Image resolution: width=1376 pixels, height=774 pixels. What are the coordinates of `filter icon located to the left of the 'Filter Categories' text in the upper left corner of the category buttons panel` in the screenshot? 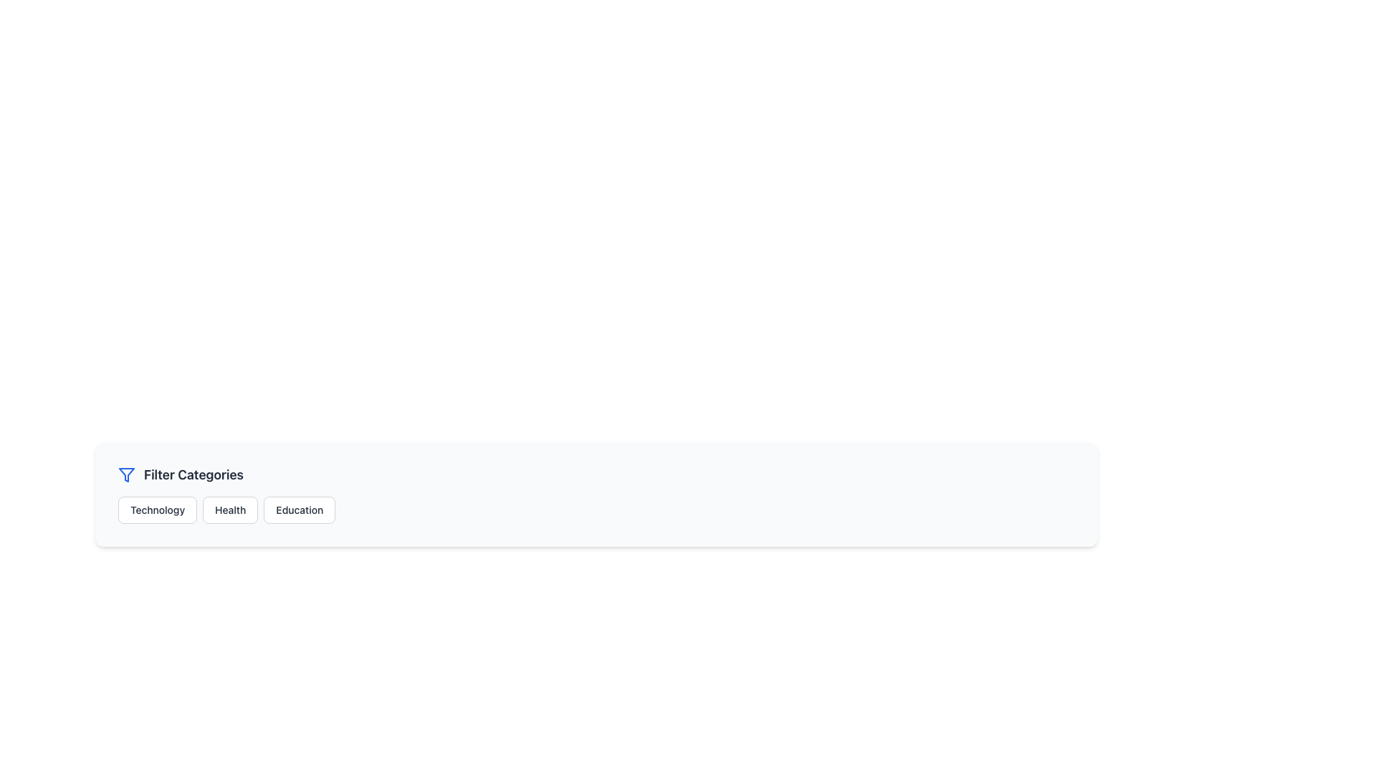 It's located at (127, 475).